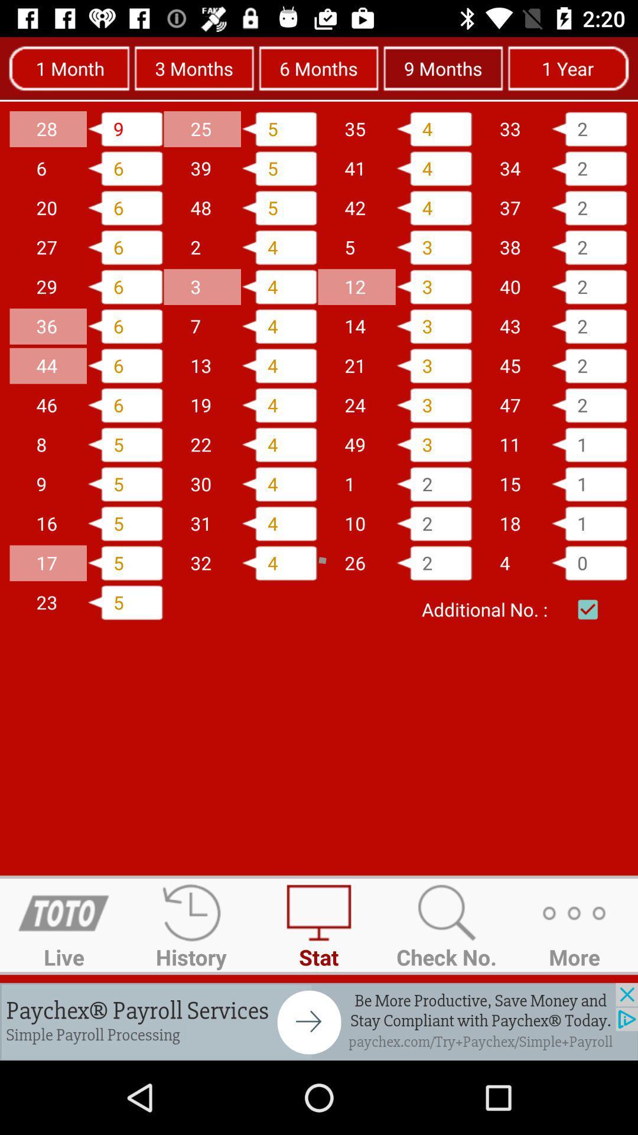 This screenshot has width=638, height=1135. What do you see at coordinates (588, 609) in the screenshot?
I see `check for additional number` at bounding box center [588, 609].